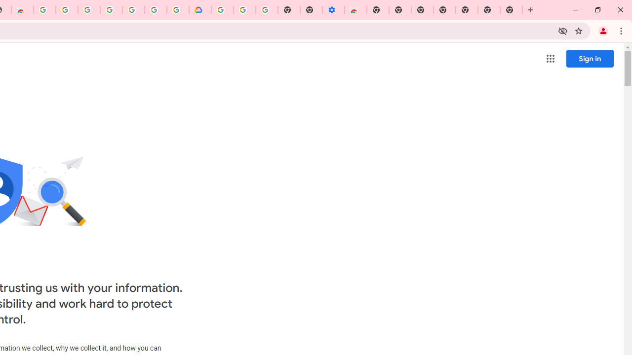  What do you see at coordinates (66, 10) in the screenshot?
I see `'Ad Settings'` at bounding box center [66, 10].